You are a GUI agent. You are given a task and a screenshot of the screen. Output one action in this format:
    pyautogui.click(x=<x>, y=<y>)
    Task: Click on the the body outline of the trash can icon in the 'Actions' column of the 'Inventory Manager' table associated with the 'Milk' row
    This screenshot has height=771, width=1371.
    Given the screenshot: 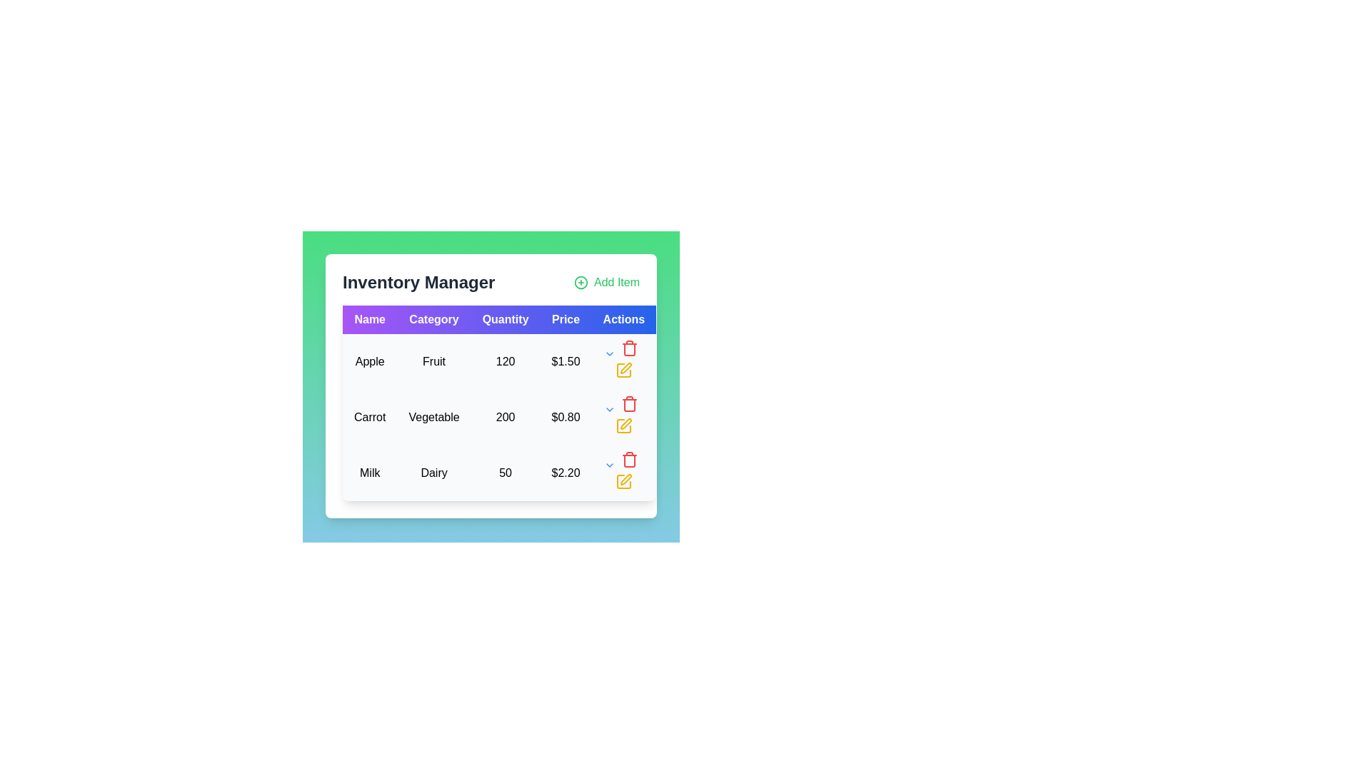 What is the action you would take?
    pyautogui.click(x=628, y=460)
    